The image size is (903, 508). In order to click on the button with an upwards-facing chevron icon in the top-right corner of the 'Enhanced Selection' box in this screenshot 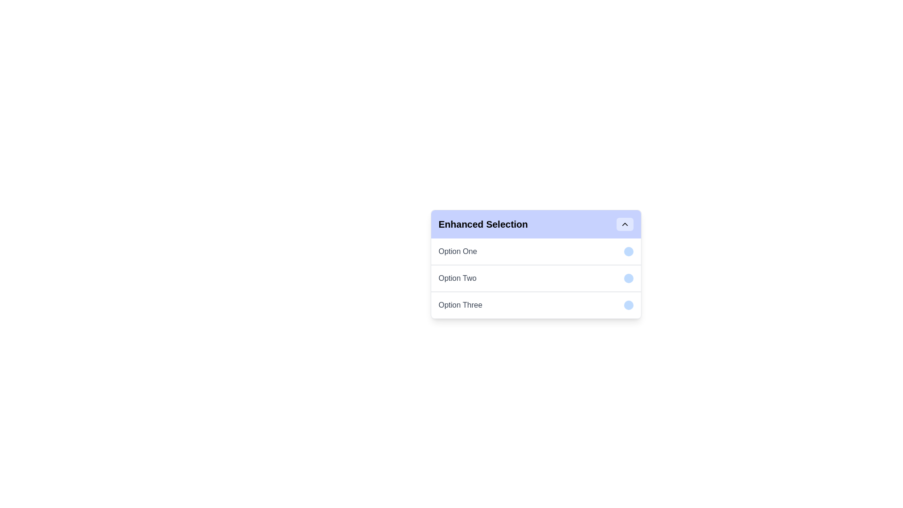, I will do `click(625, 224)`.